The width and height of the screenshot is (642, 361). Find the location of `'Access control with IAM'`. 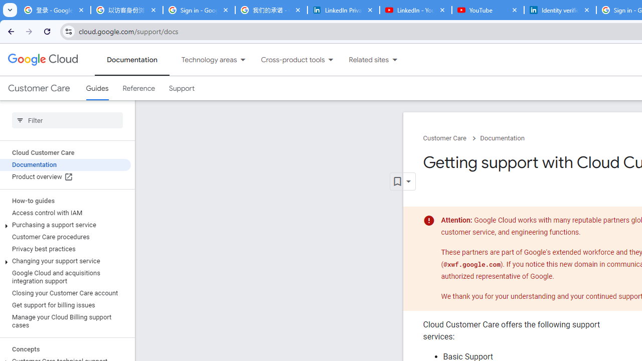

'Access control with IAM' is located at coordinates (65, 213).